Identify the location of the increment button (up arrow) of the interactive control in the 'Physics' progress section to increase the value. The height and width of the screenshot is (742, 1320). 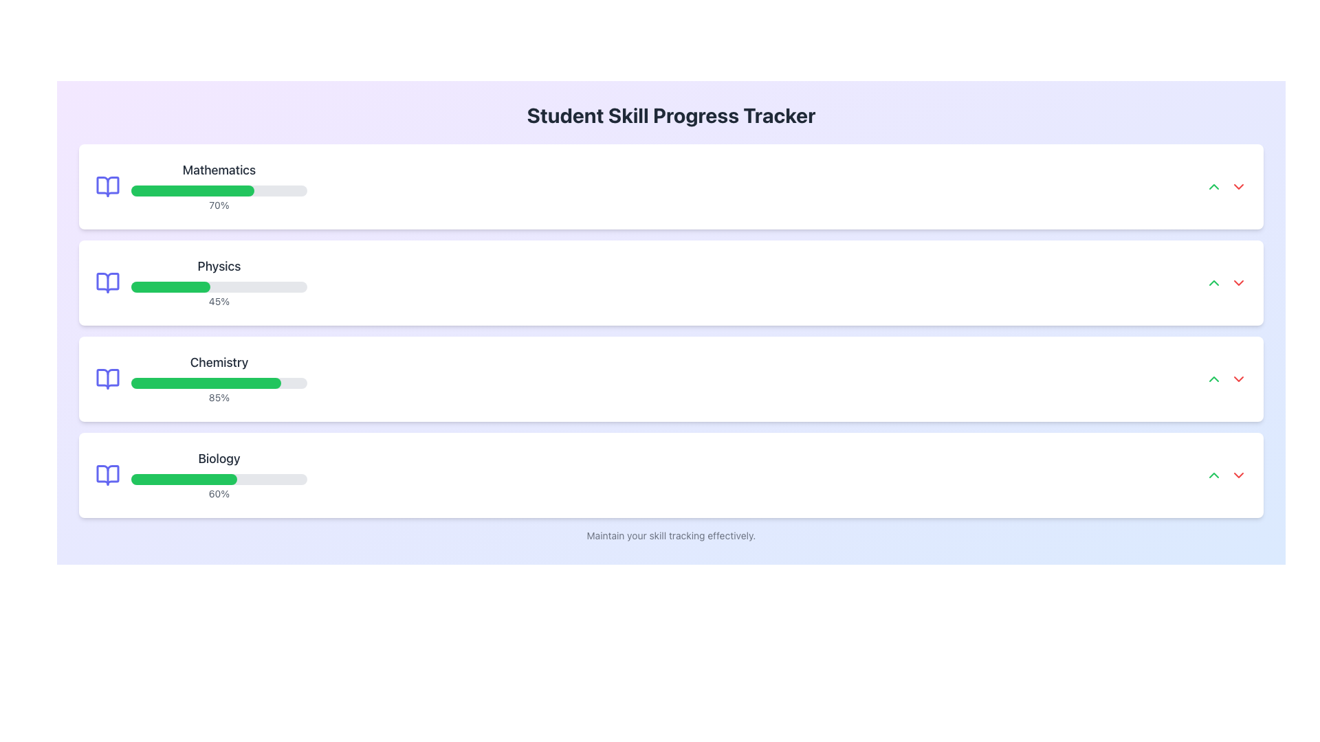
(1226, 282).